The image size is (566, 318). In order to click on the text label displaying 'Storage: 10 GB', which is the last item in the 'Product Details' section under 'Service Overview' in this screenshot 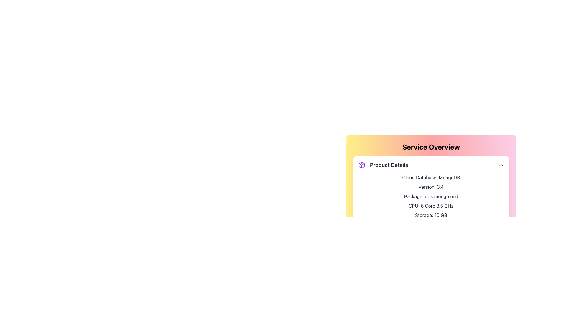, I will do `click(431, 215)`.